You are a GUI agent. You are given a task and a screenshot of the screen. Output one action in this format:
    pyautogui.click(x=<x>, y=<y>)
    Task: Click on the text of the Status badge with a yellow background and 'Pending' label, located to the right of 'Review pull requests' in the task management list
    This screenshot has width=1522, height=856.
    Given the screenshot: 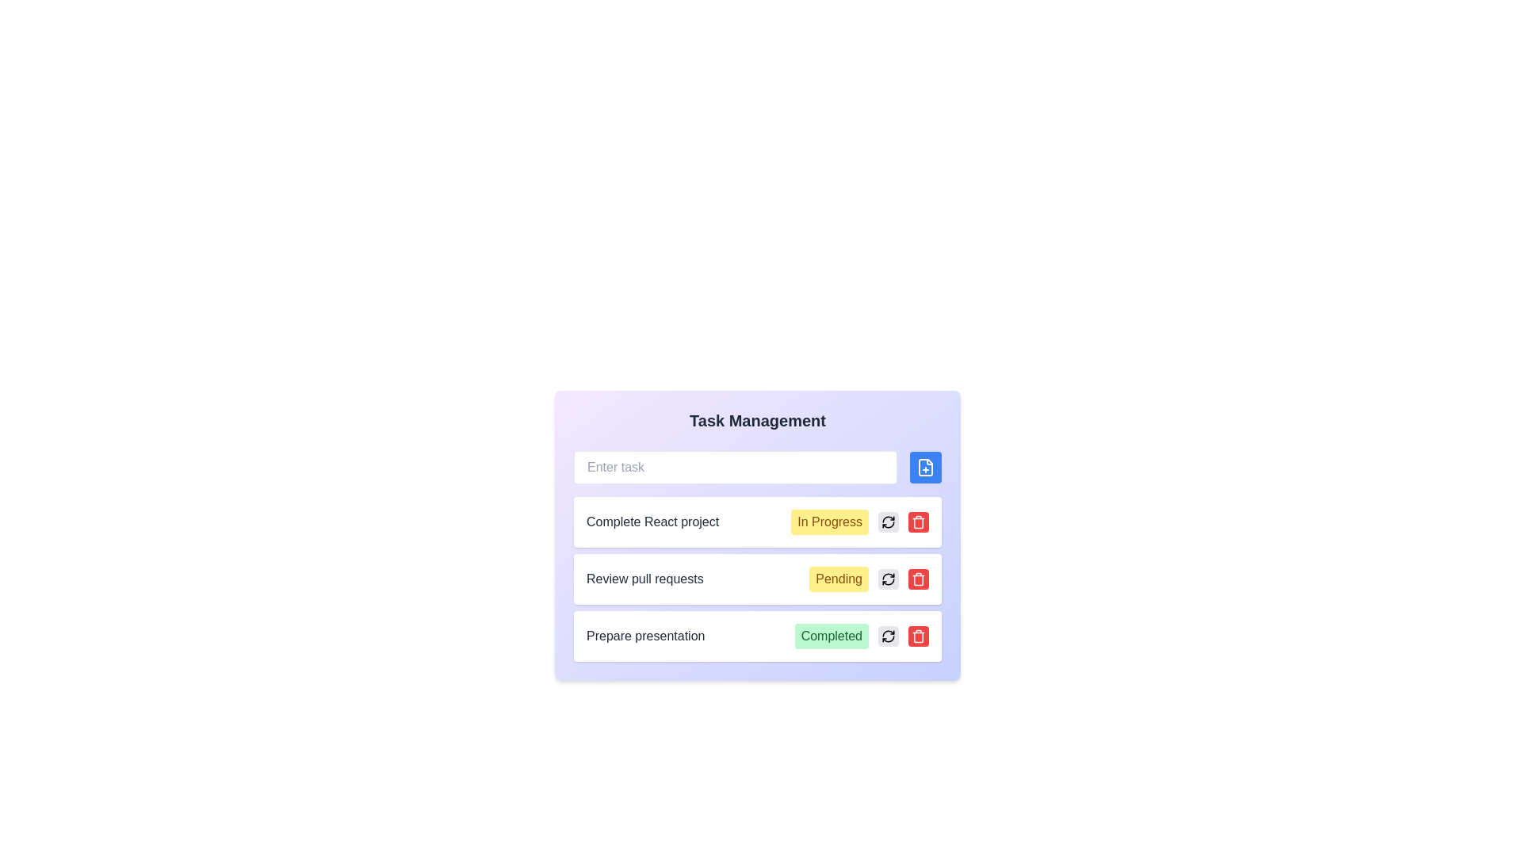 What is the action you would take?
    pyautogui.click(x=868, y=579)
    